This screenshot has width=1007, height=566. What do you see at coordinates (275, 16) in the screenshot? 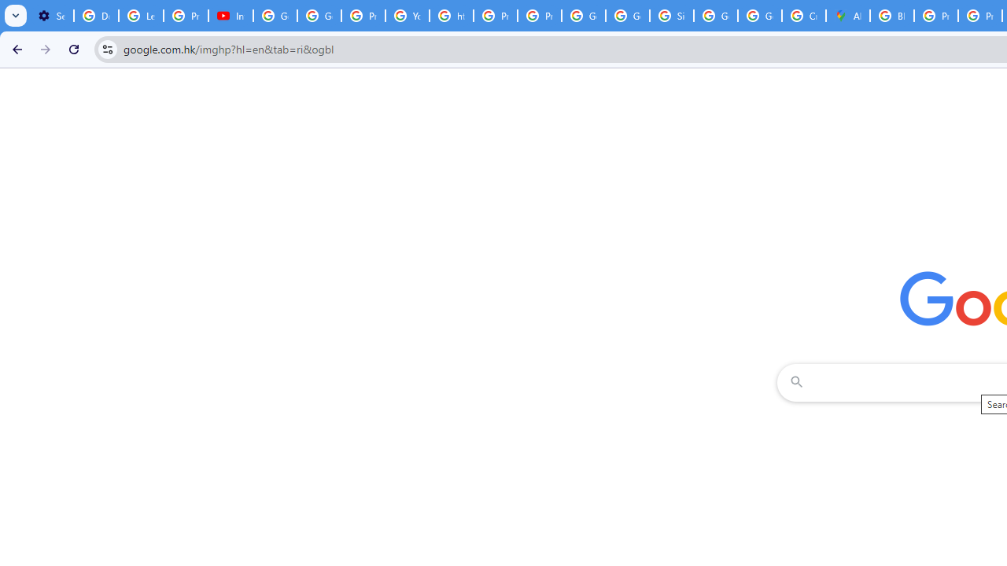
I see `'Google Account Help'` at bounding box center [275, 16].